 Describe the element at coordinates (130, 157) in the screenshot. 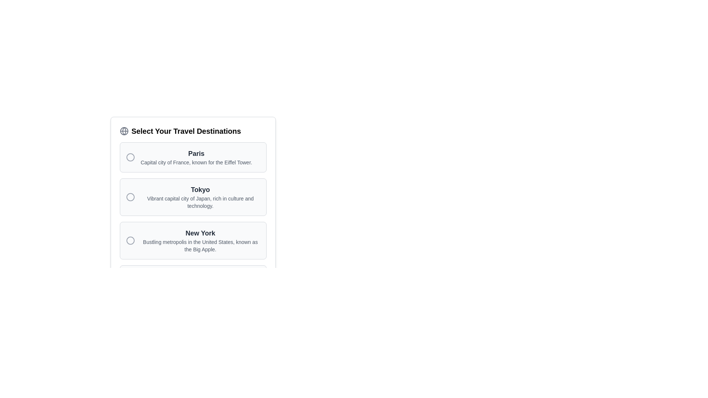

I see `the radio button next to the label 'Paris', which is a circular shape with a gray border and white fill, to trigger a tooltip or visual response` at that location.